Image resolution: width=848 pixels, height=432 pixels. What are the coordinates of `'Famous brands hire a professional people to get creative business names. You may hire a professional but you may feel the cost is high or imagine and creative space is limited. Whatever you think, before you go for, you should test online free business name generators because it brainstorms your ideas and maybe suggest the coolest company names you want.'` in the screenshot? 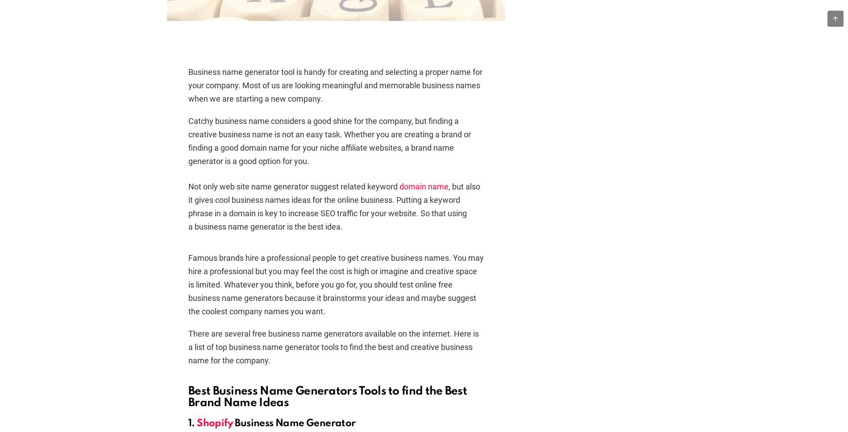 It's located at (335, 284).